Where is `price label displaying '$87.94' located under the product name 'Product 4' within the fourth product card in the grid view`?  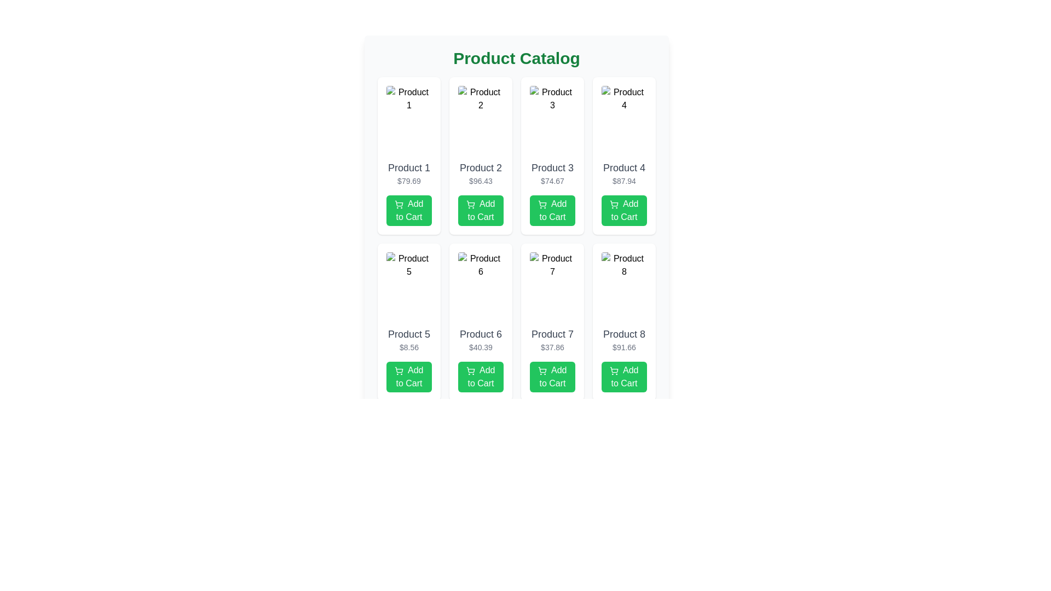 price label displaying '$87.94' located under the product name 'Product 4' within the fourth product card in the grid view is located at coordinates (624, 181).